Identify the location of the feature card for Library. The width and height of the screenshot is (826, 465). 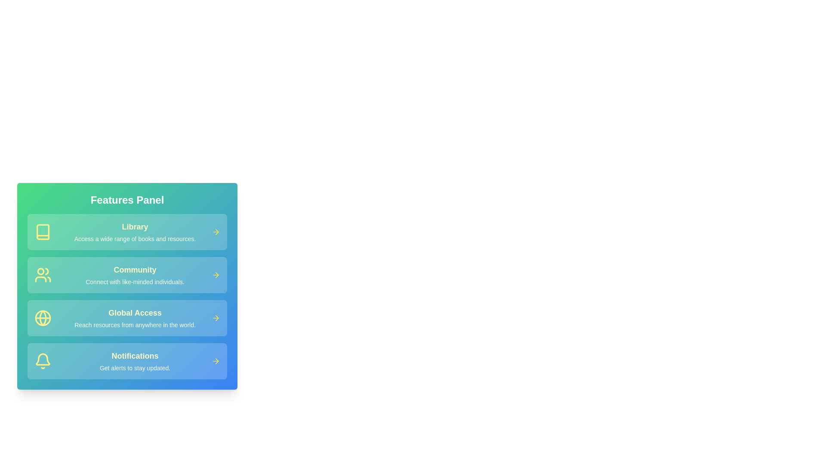
(127, 232).